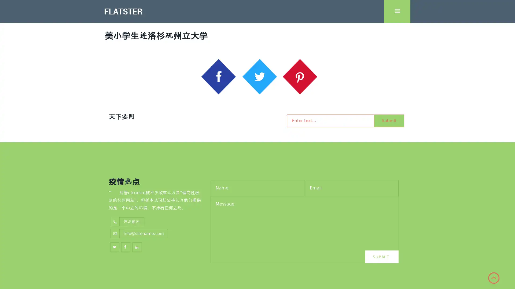 This screenshot has height=289, width=515. What do you see at coordinates (387, 121) in the screenshot?
I see `Submit` at bounding box center [387, 121].